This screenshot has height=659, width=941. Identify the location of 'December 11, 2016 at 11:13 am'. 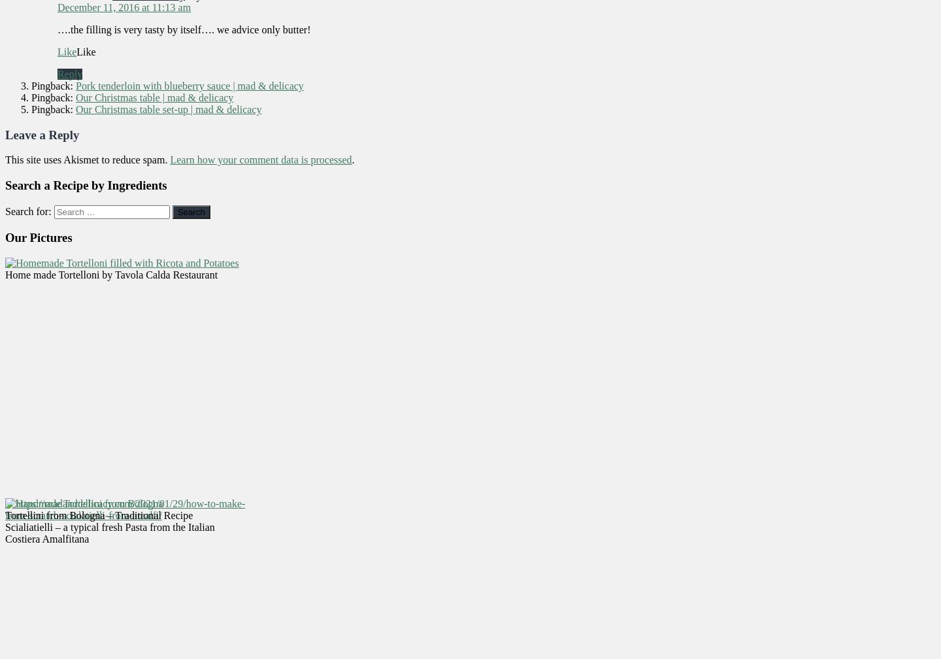
(57, 7).